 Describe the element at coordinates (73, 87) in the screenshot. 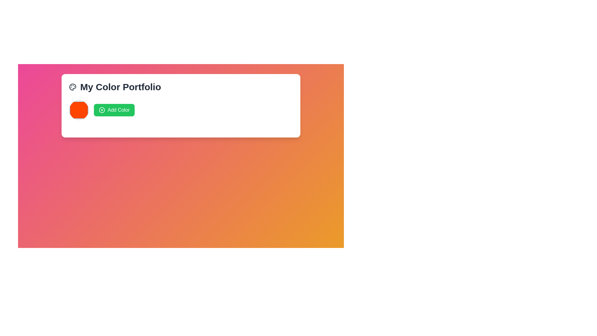

I see `the decorative SVG icon located to the left of the title text 'My Color Portfolio', which is aligned horizontally with it` at that location.